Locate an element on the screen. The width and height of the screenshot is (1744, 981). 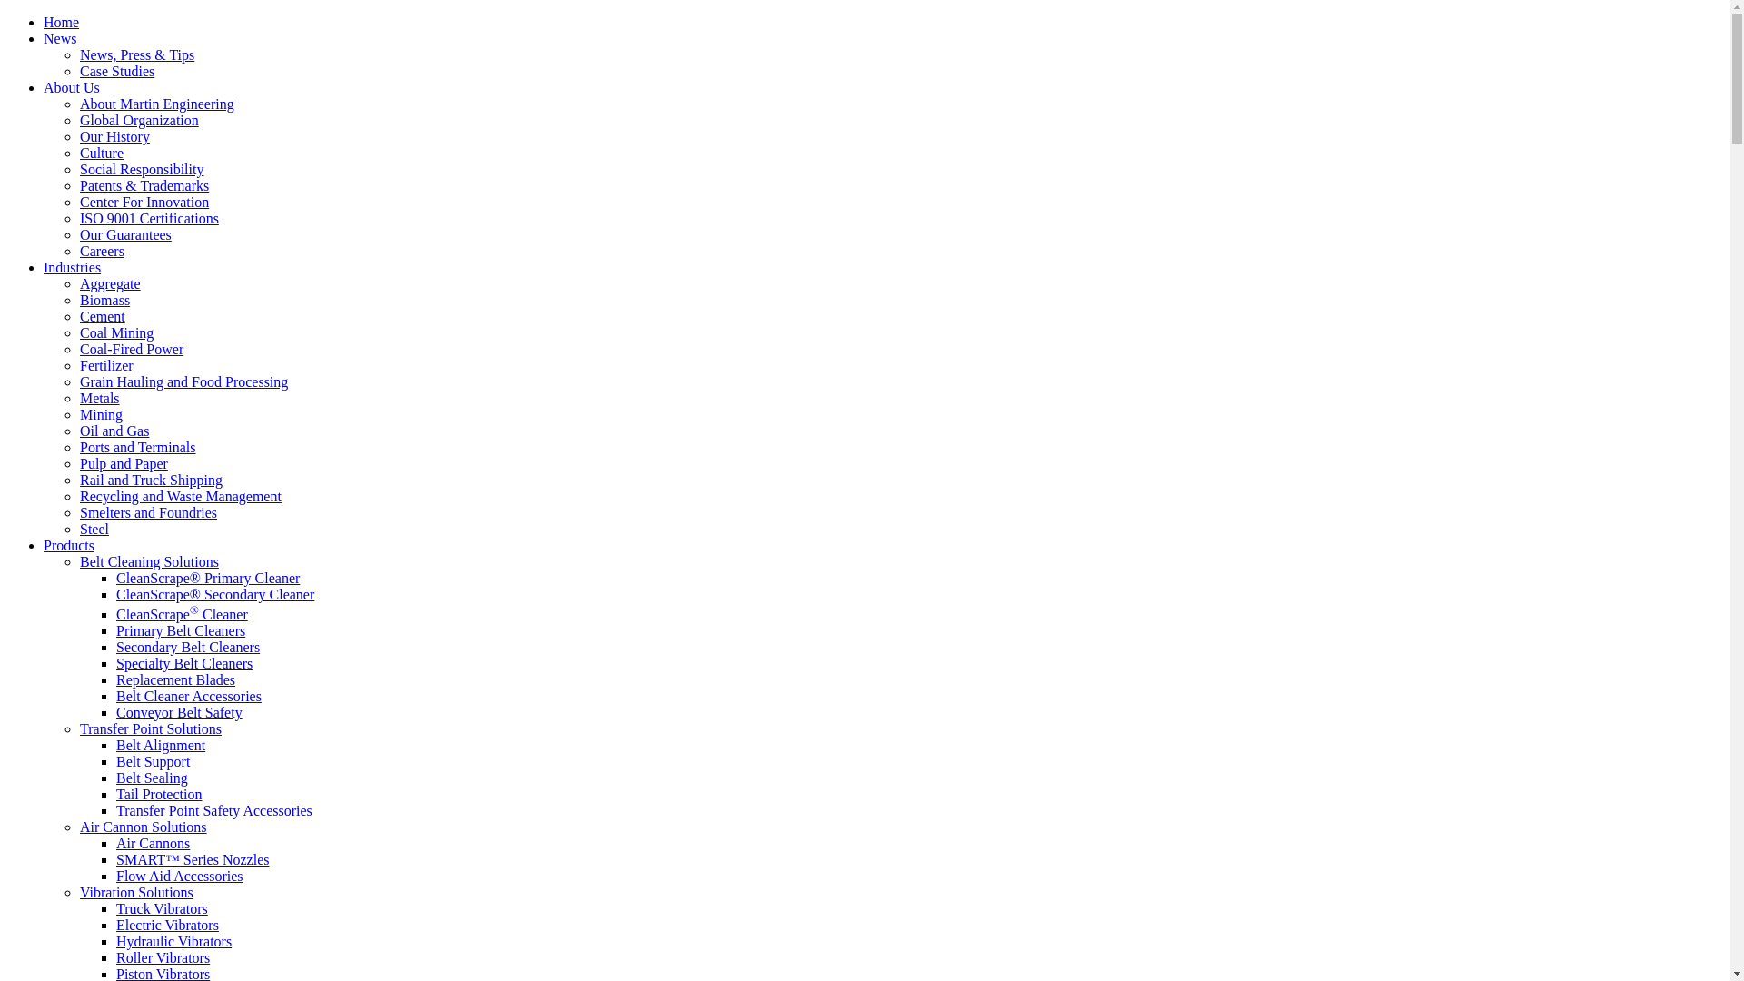
'Belt Cleaning Solutions' is located at coordinates (149, 560).